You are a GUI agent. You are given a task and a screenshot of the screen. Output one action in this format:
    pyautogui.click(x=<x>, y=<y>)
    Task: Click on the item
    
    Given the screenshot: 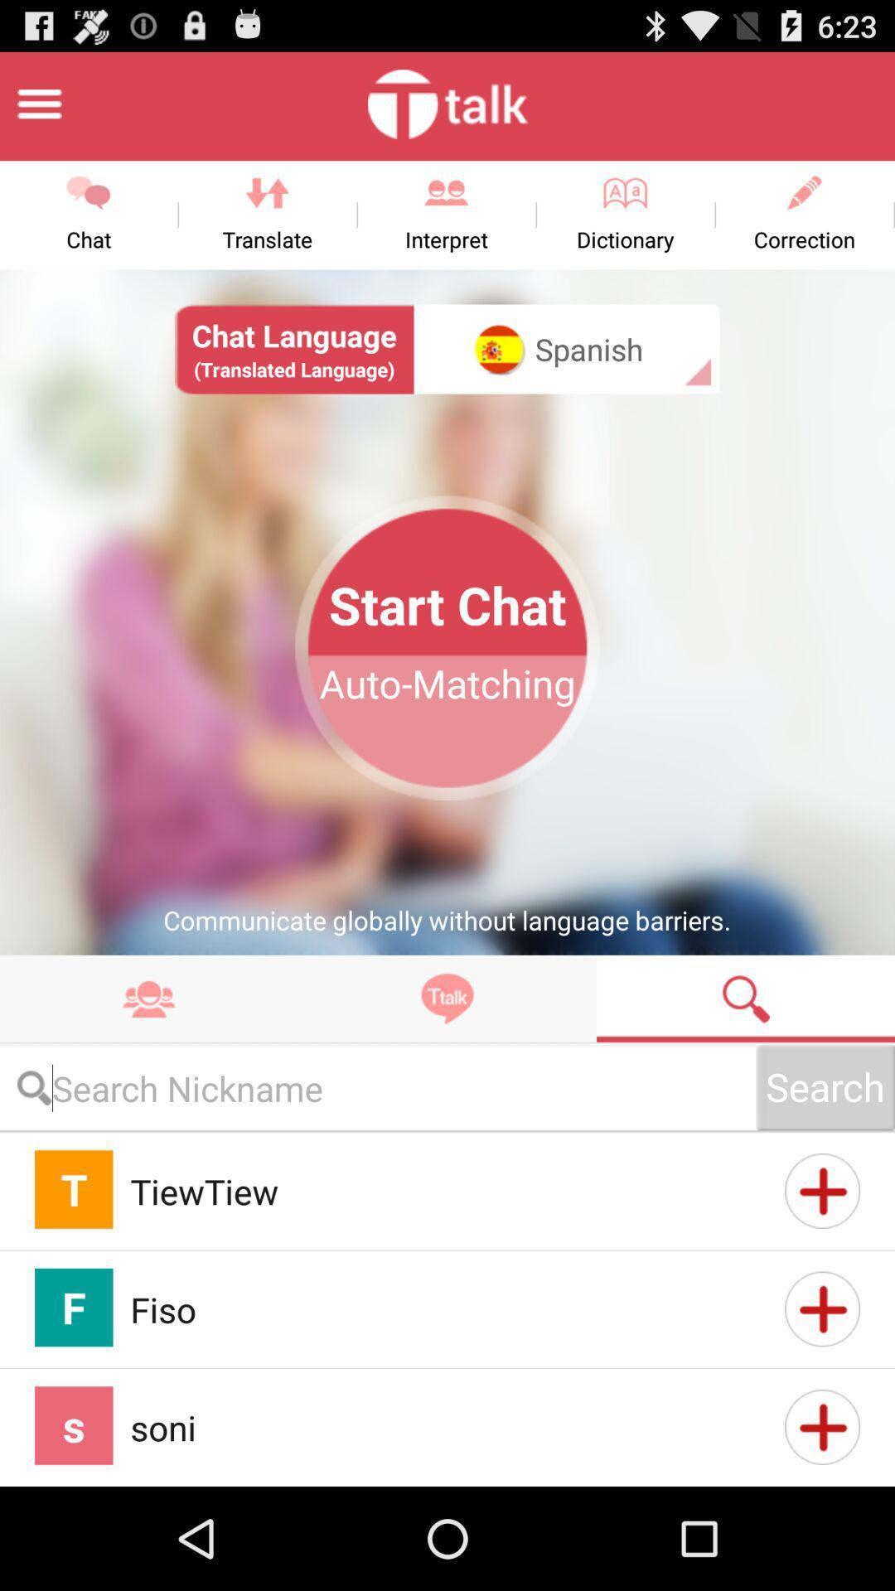 What is the action you would take?
    pyautogui.click(x=822, y=1308)
    